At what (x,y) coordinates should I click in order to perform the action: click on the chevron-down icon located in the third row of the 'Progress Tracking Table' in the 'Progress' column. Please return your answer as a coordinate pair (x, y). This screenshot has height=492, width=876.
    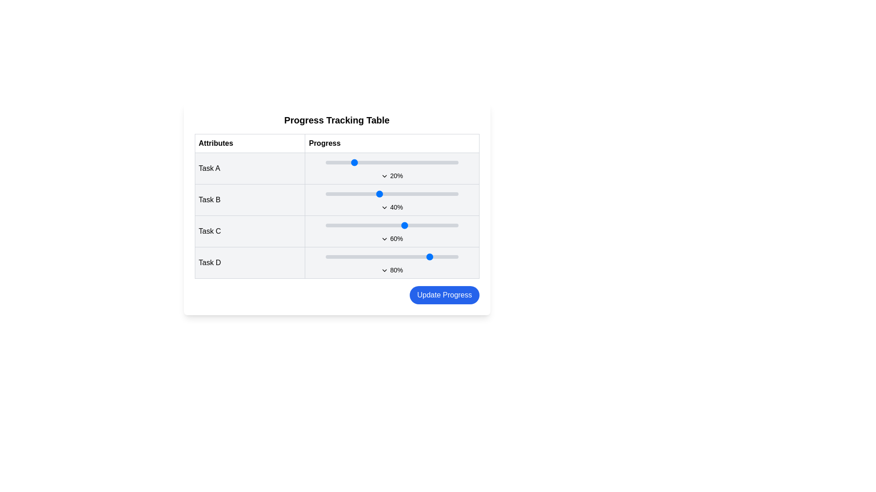
    Looking at the image, I should click on (385, 239).